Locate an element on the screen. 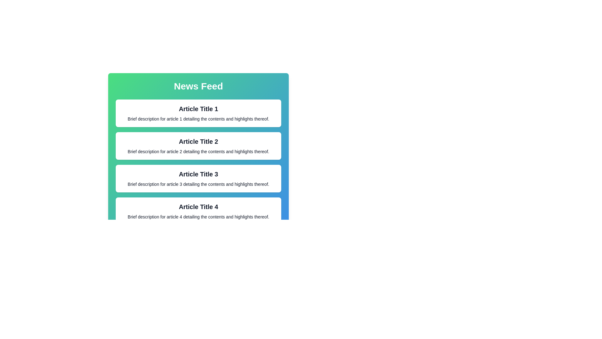 The image size is (602, 339). text label that summarizes the contents of 'Article Title 1', which is positioned below the title within the first card of the News Feed section is located at coordinates (198, 119).